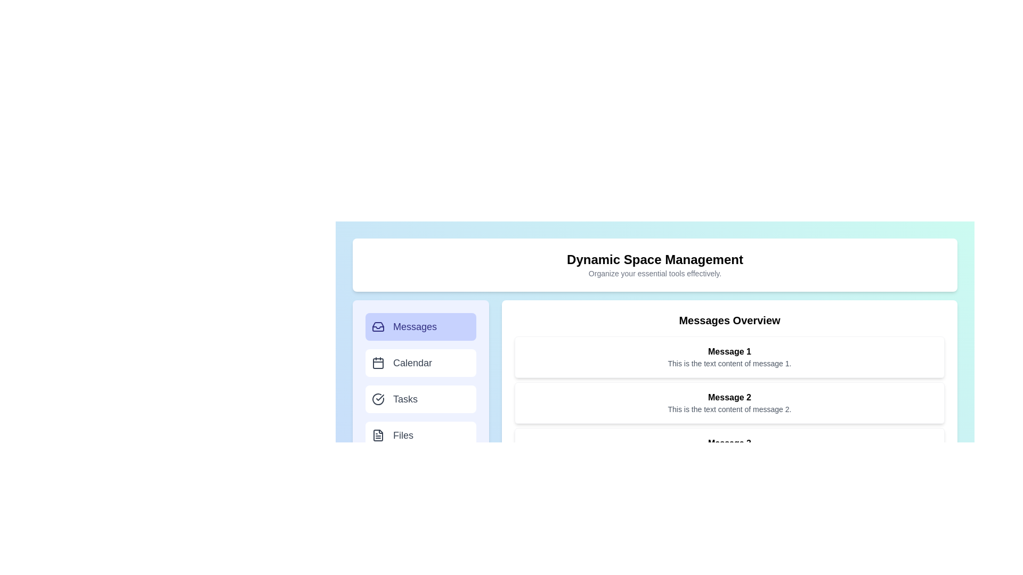 The height and width of the screenshot is (575, 1023). I want to click on text displayed in the small, gray font that says 'This is the text content of message 1.' located below the header 'Message 1' within the first card of the 'Messages Overview' section, so click(729, 363).